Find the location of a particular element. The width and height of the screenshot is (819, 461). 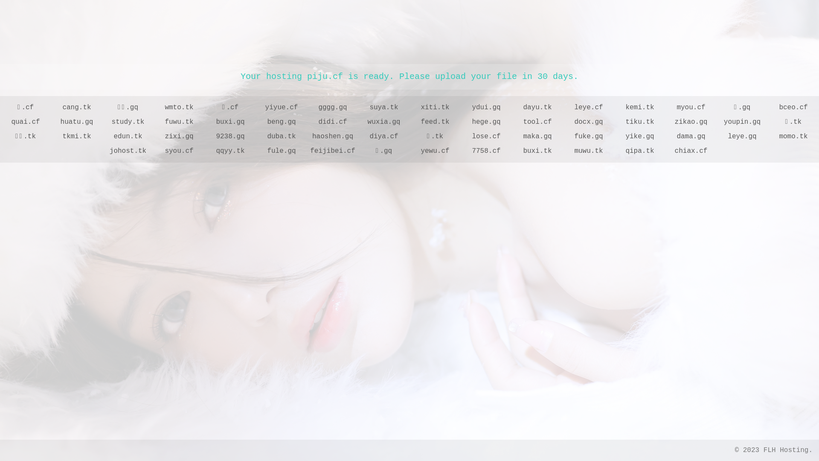

'johost.tk' is located at coordinates (102, 151).